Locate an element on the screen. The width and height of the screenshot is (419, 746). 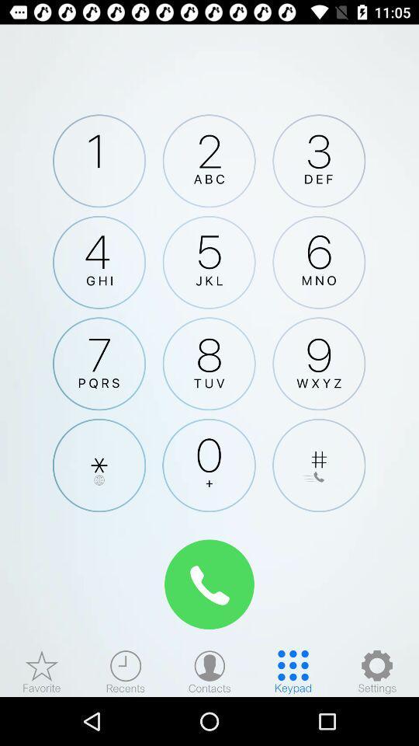
3 is located at coordinates (318, 161).